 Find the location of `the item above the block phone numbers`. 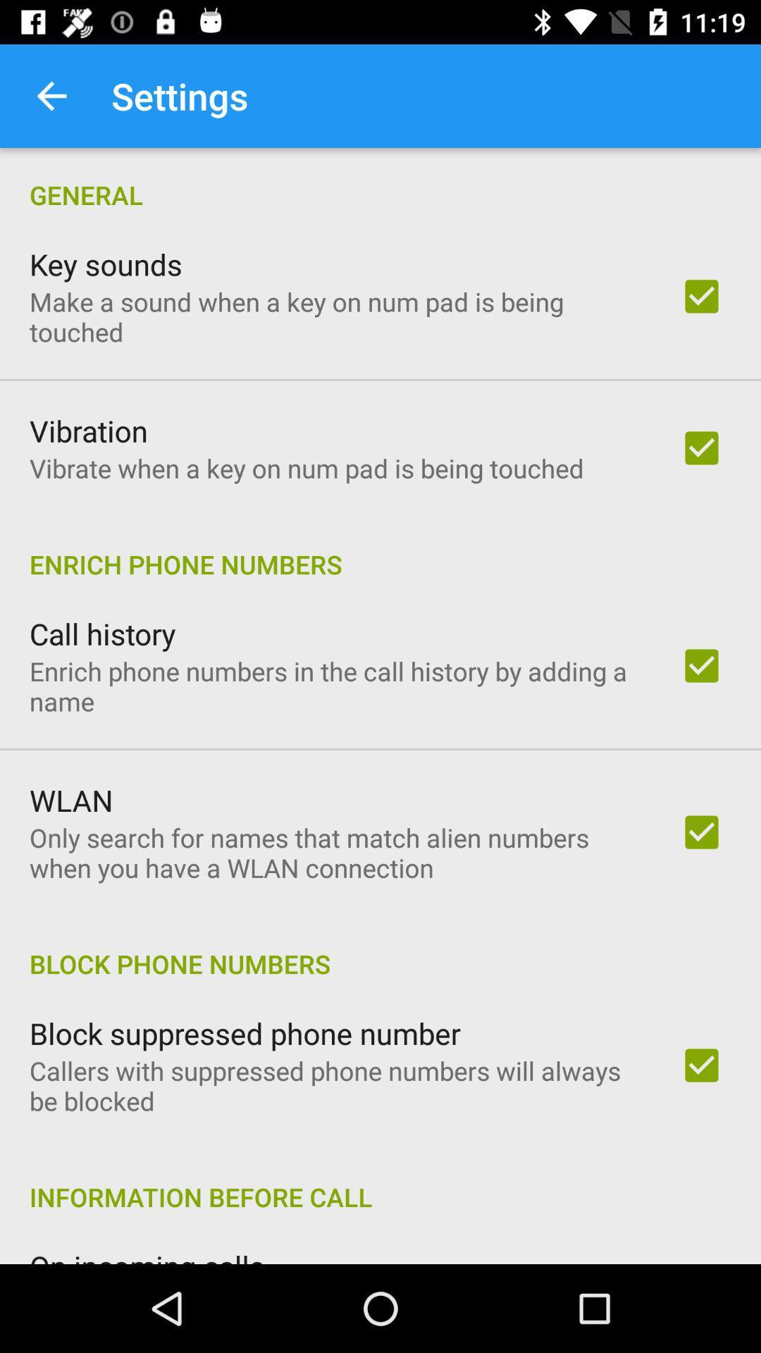

the item above the block phone numbers is located at coordinates (336, 852).